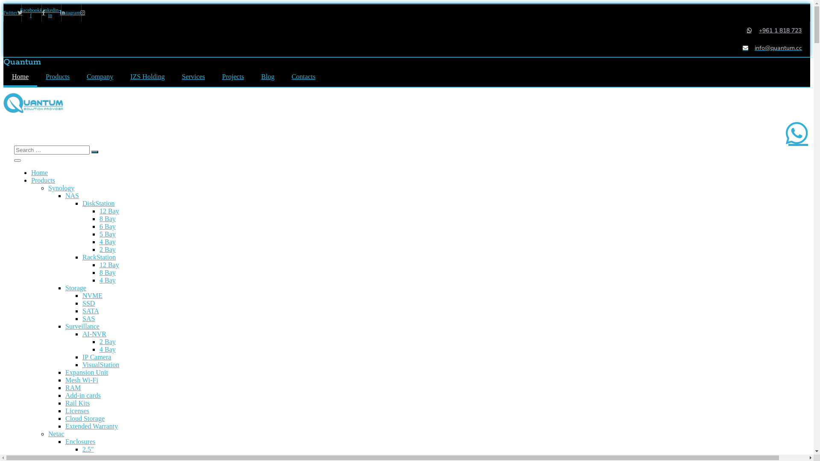  I want to click on '2 Bay', so click(107, 341).